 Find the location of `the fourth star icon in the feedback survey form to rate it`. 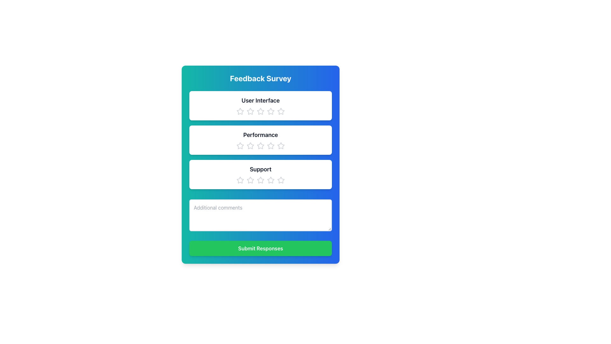

the fourth star icon in the feedback survey form to rate it is located at coordinates (270, 111).